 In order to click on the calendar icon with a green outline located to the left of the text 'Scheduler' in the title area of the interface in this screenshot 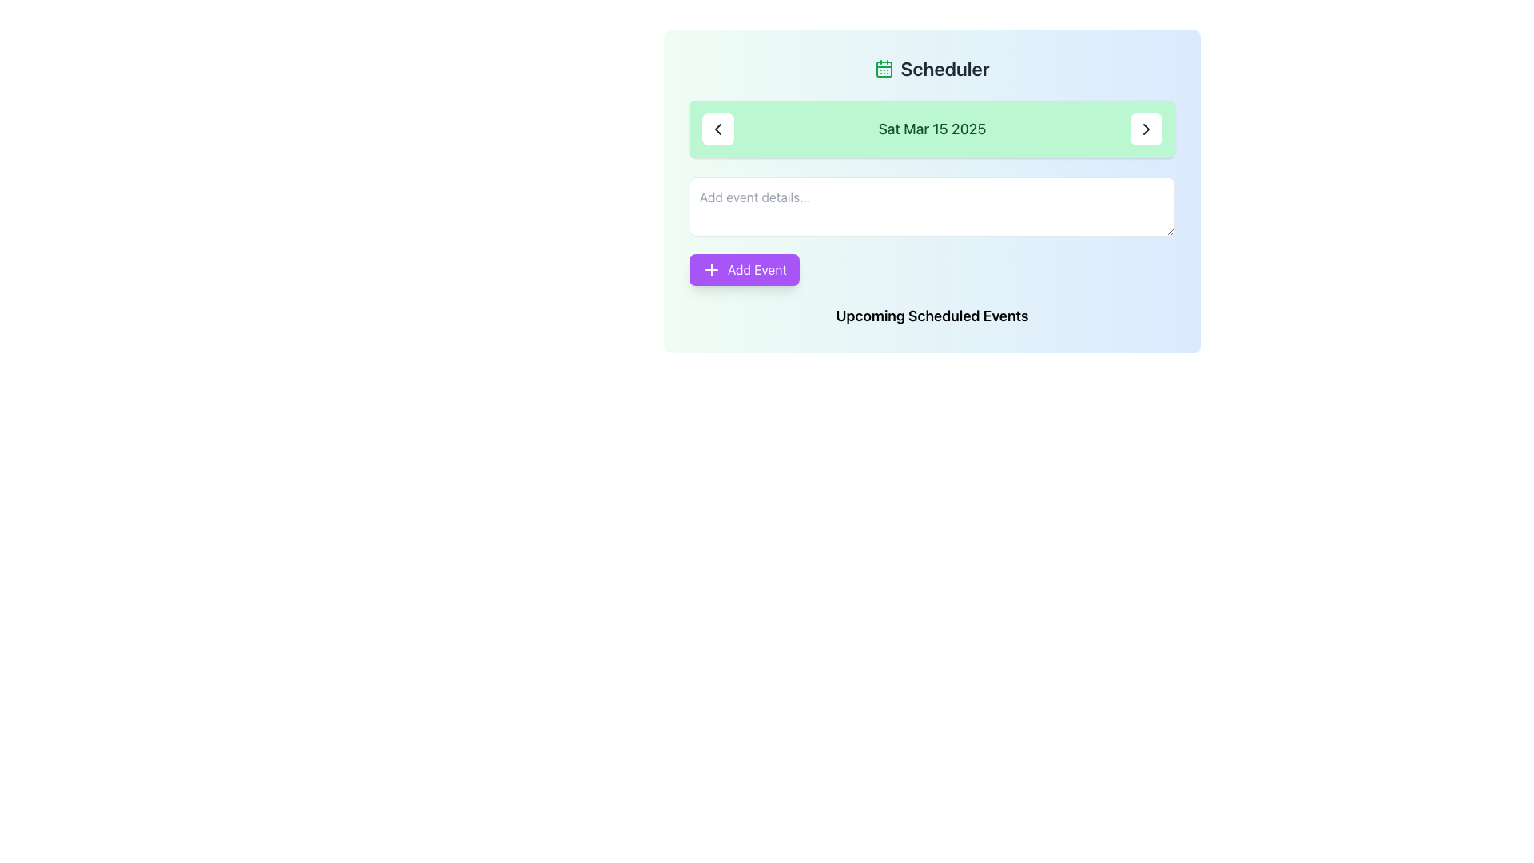, I will do `click(884, 67)`.